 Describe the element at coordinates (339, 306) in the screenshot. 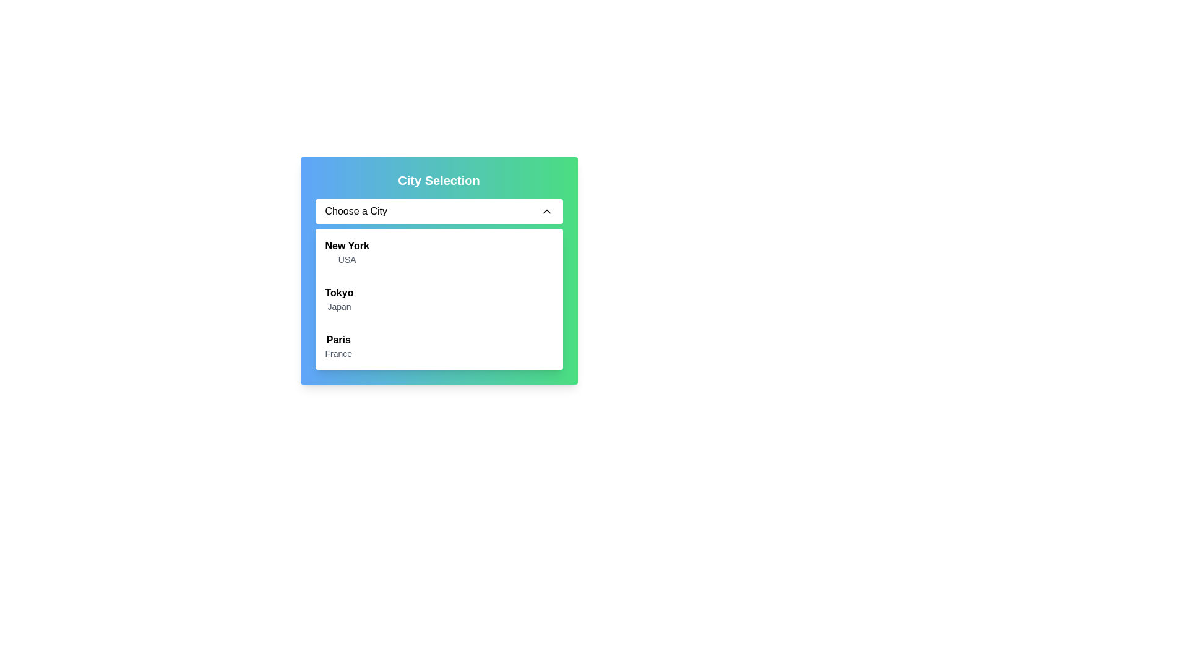

I see `text label displaying 'Japan' which is styled in gray, positioned below 'Tokyo' in the dropdown list` at that location.